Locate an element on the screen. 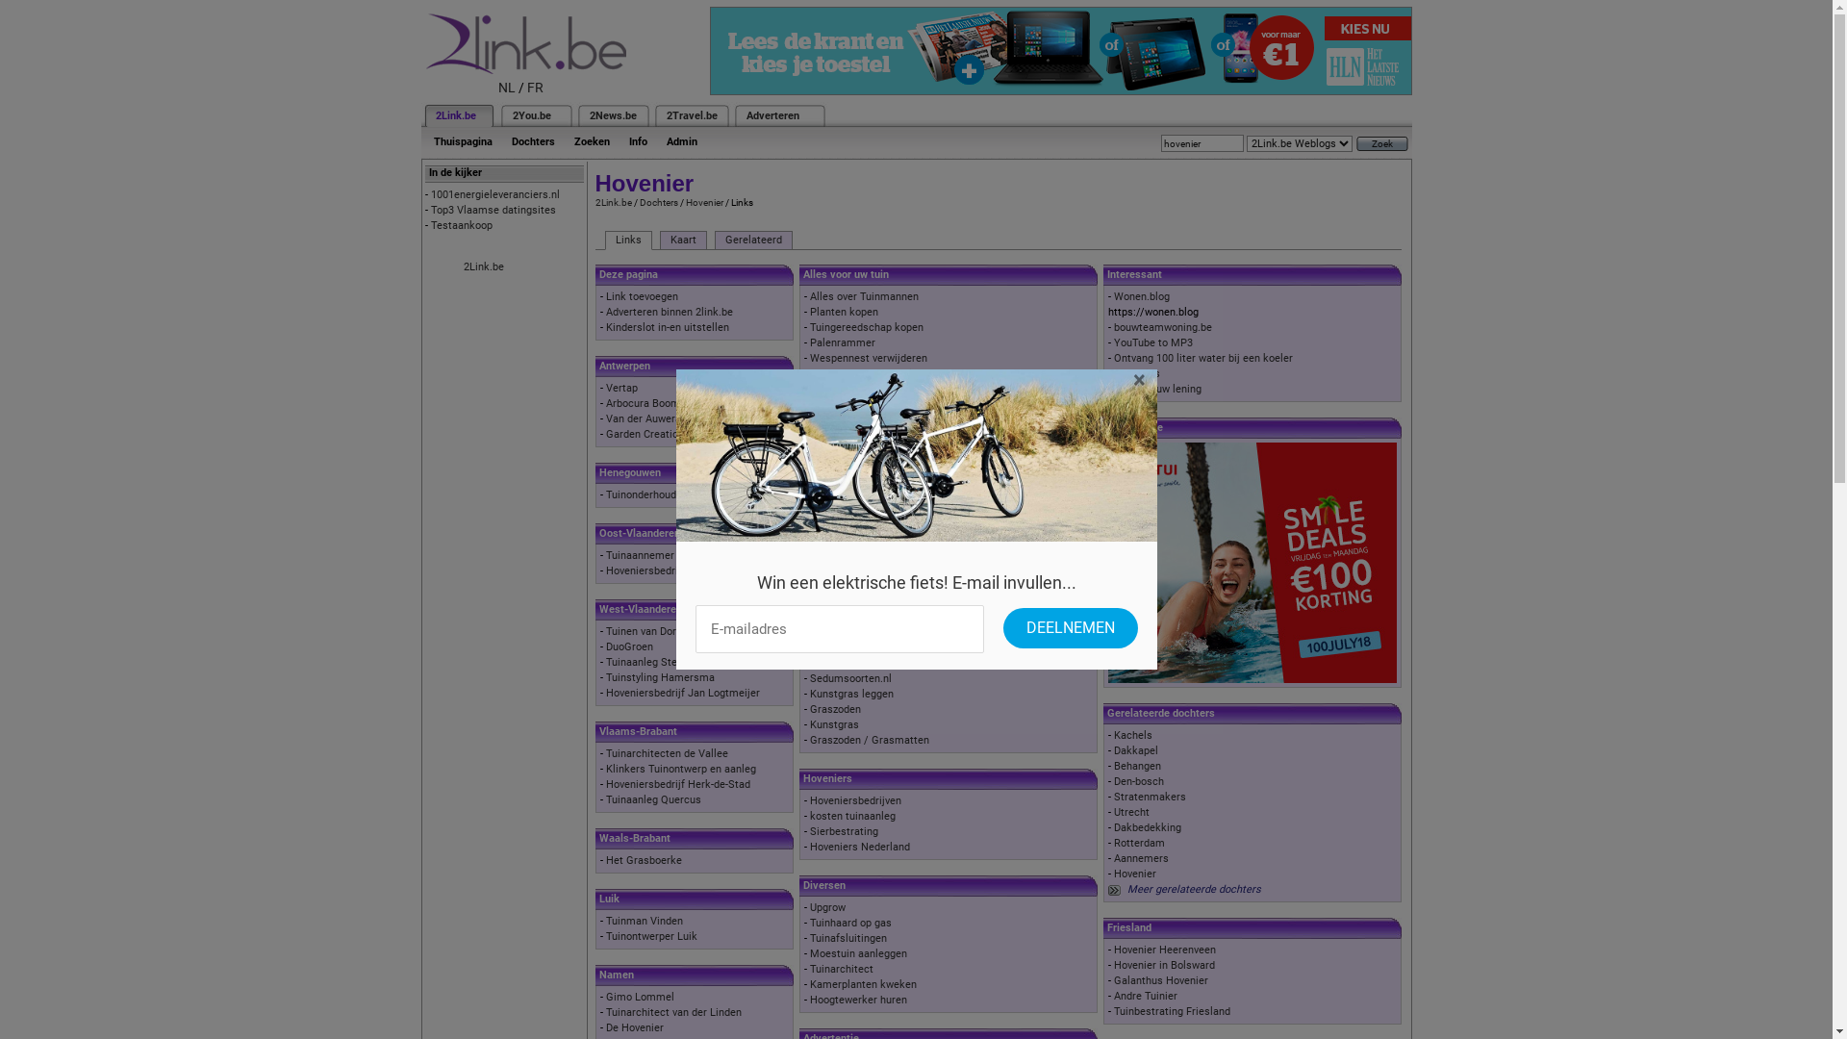 The image size is (1847, 1039). 'bouwteamwoning.be' is located at coordinates (1162, 326).